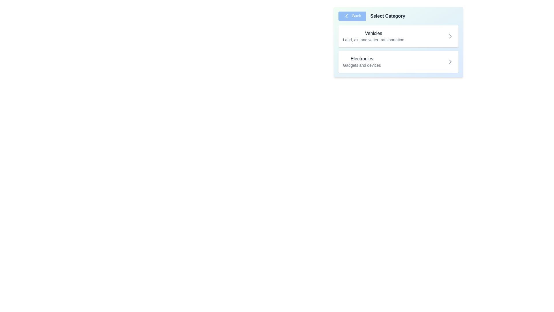  Describe the element at coordinates (450, 36) in the screenshot. I see `the small rightward chevron icon located within the 'Vehicles' list item` at that location.